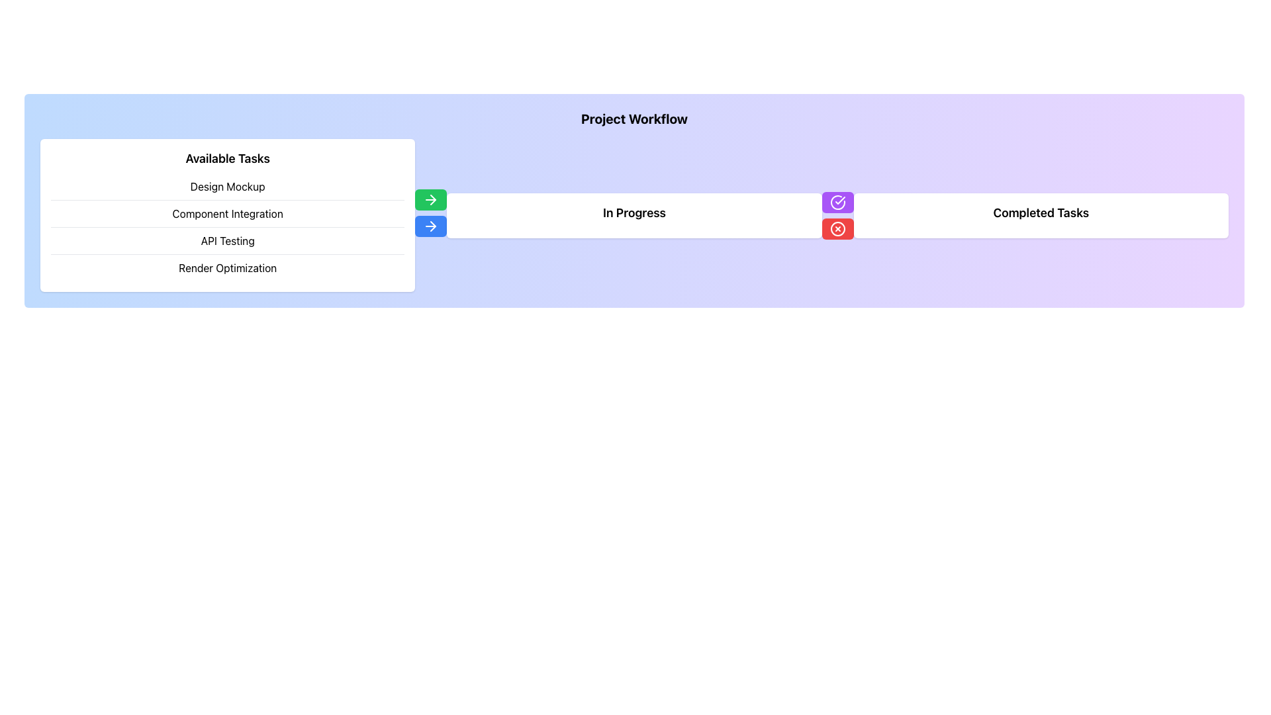 The height and width of the screenshot is (715, 1271). What do you see at coordinates (228, 213) in the screenshot?
I see `the static text item displaying 'Component Integration', which is the second item in the 'Available Tasks' list located in the left section of the interface` at bounding box center [228, 213].